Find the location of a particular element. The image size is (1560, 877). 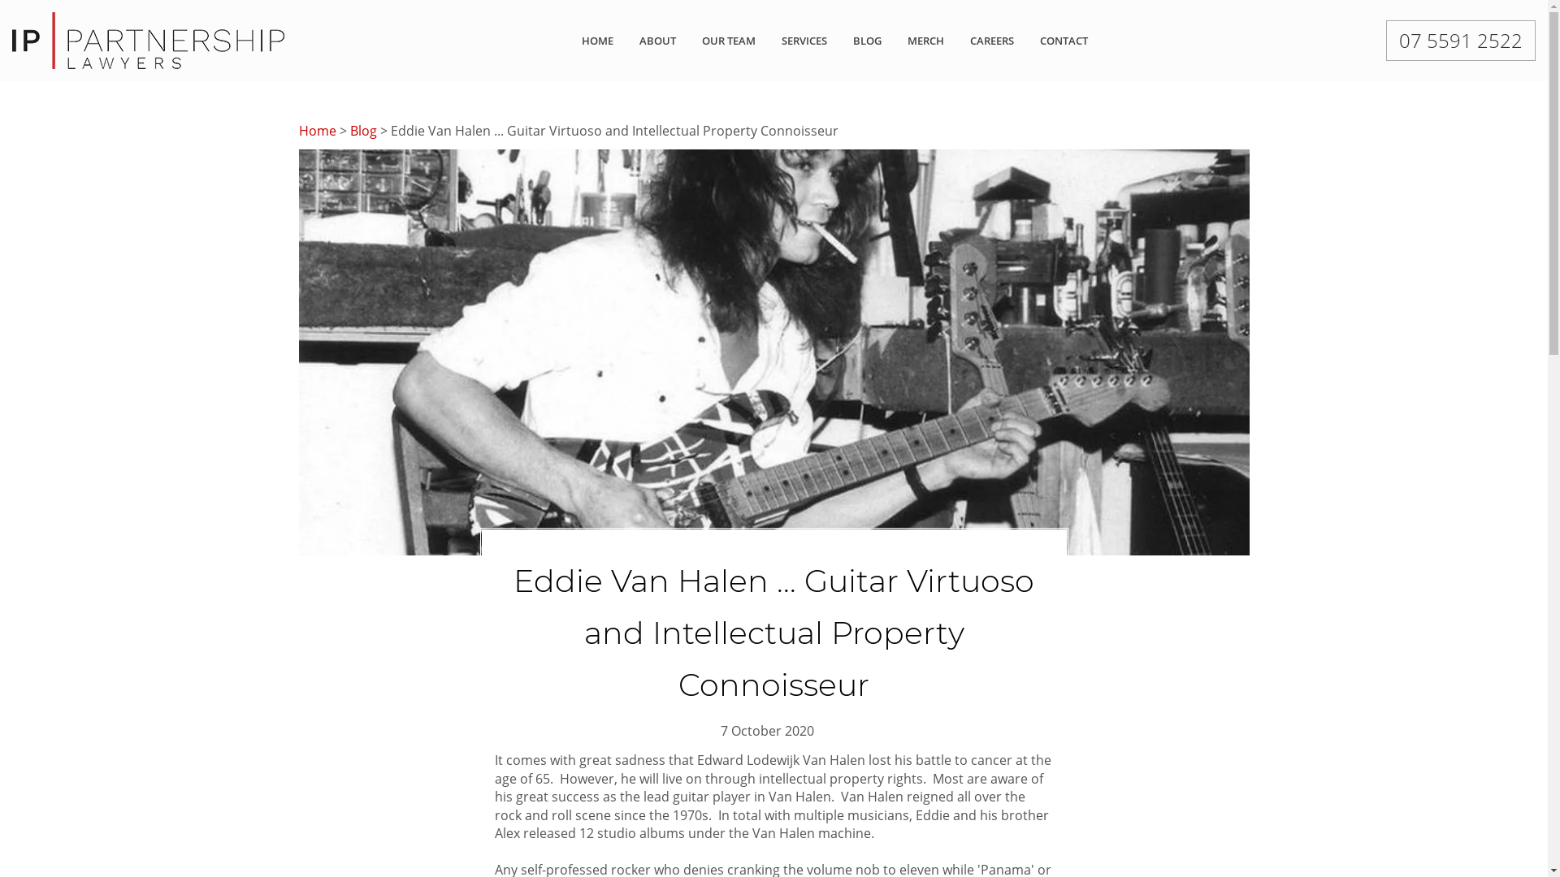

'Blog' is located at coordinates (362, 130).